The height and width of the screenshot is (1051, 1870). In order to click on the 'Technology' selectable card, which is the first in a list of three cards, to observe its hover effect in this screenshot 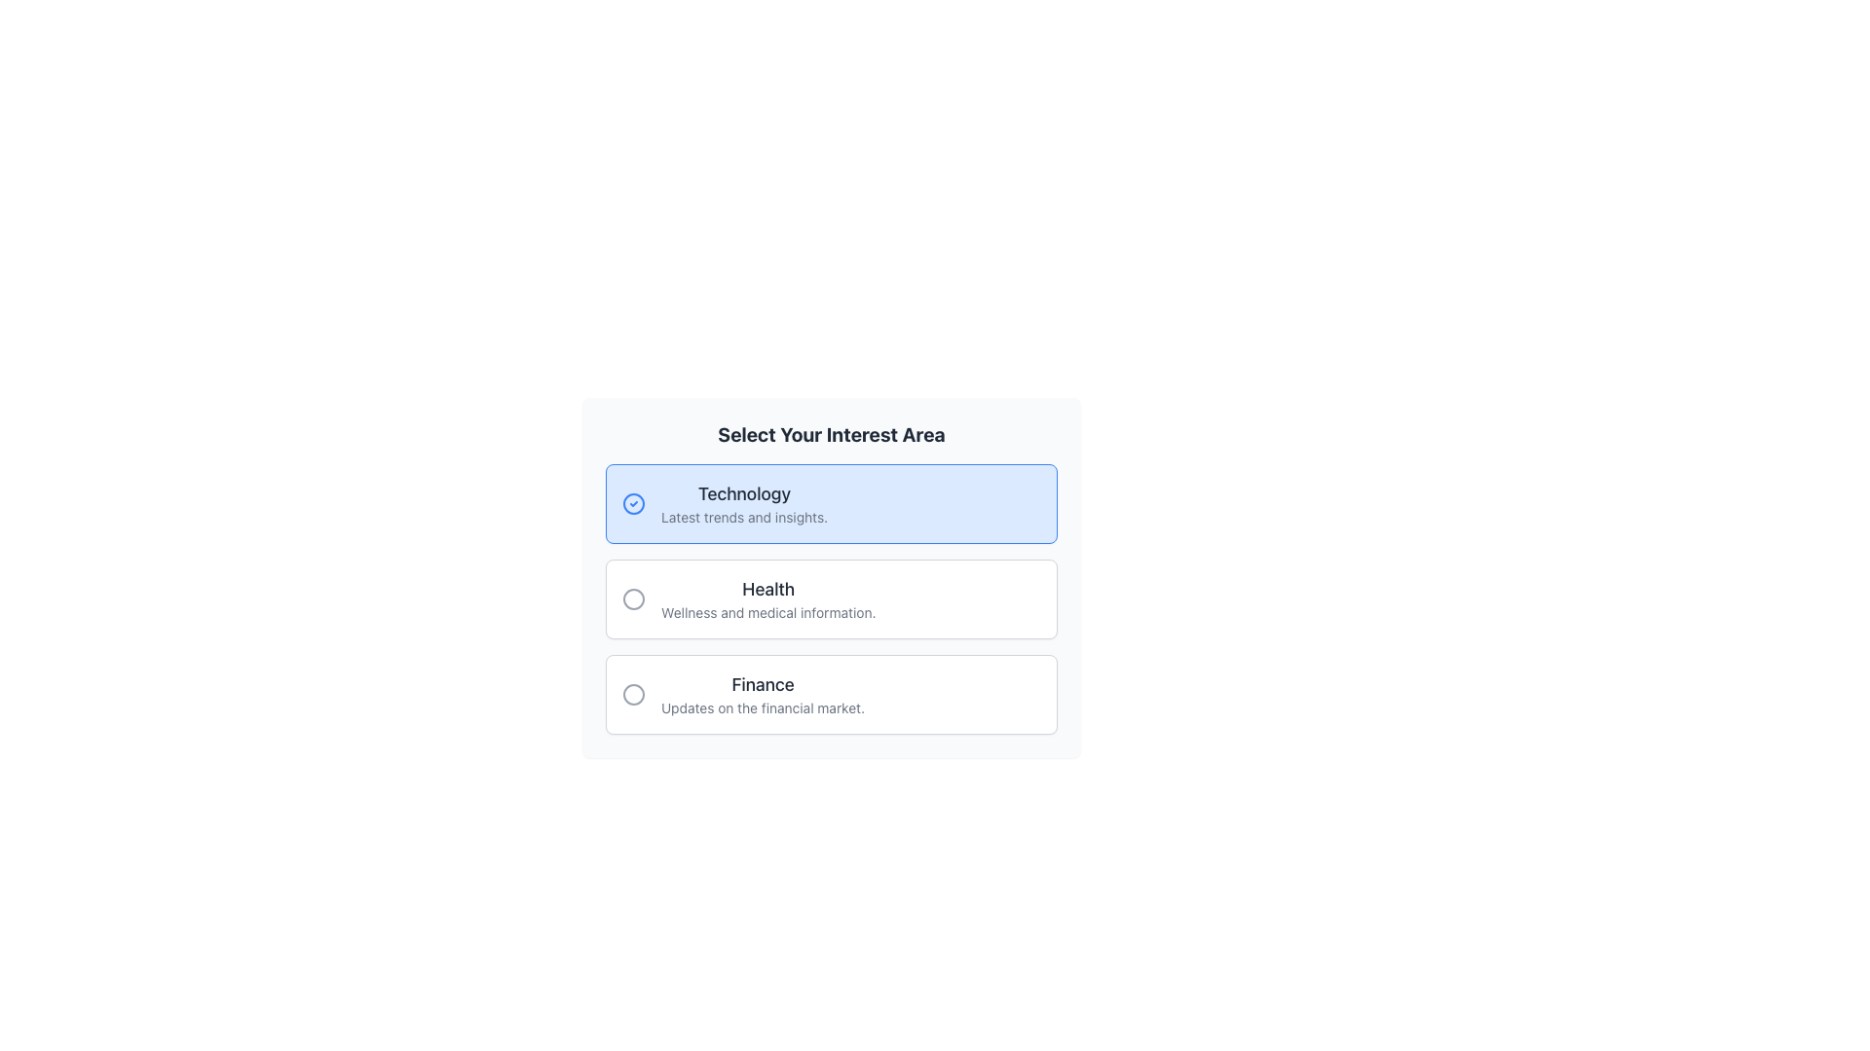, I will do `click(832, 502)`.